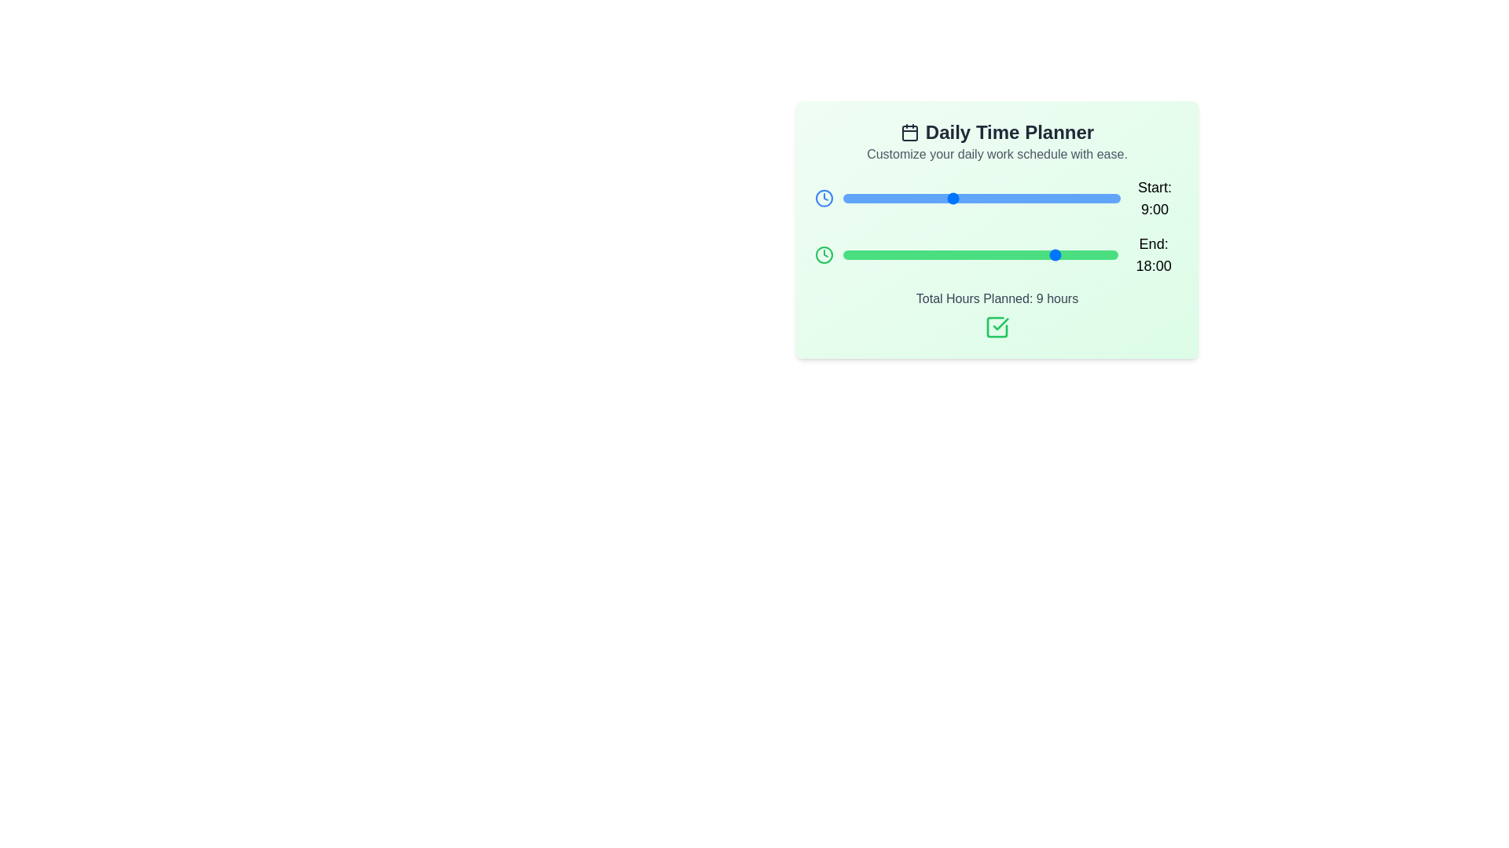  Describe the element at coordinates (1081, 254) in the screenshot. I see `the 'End' slider to set the end time to 20:00` at that location.